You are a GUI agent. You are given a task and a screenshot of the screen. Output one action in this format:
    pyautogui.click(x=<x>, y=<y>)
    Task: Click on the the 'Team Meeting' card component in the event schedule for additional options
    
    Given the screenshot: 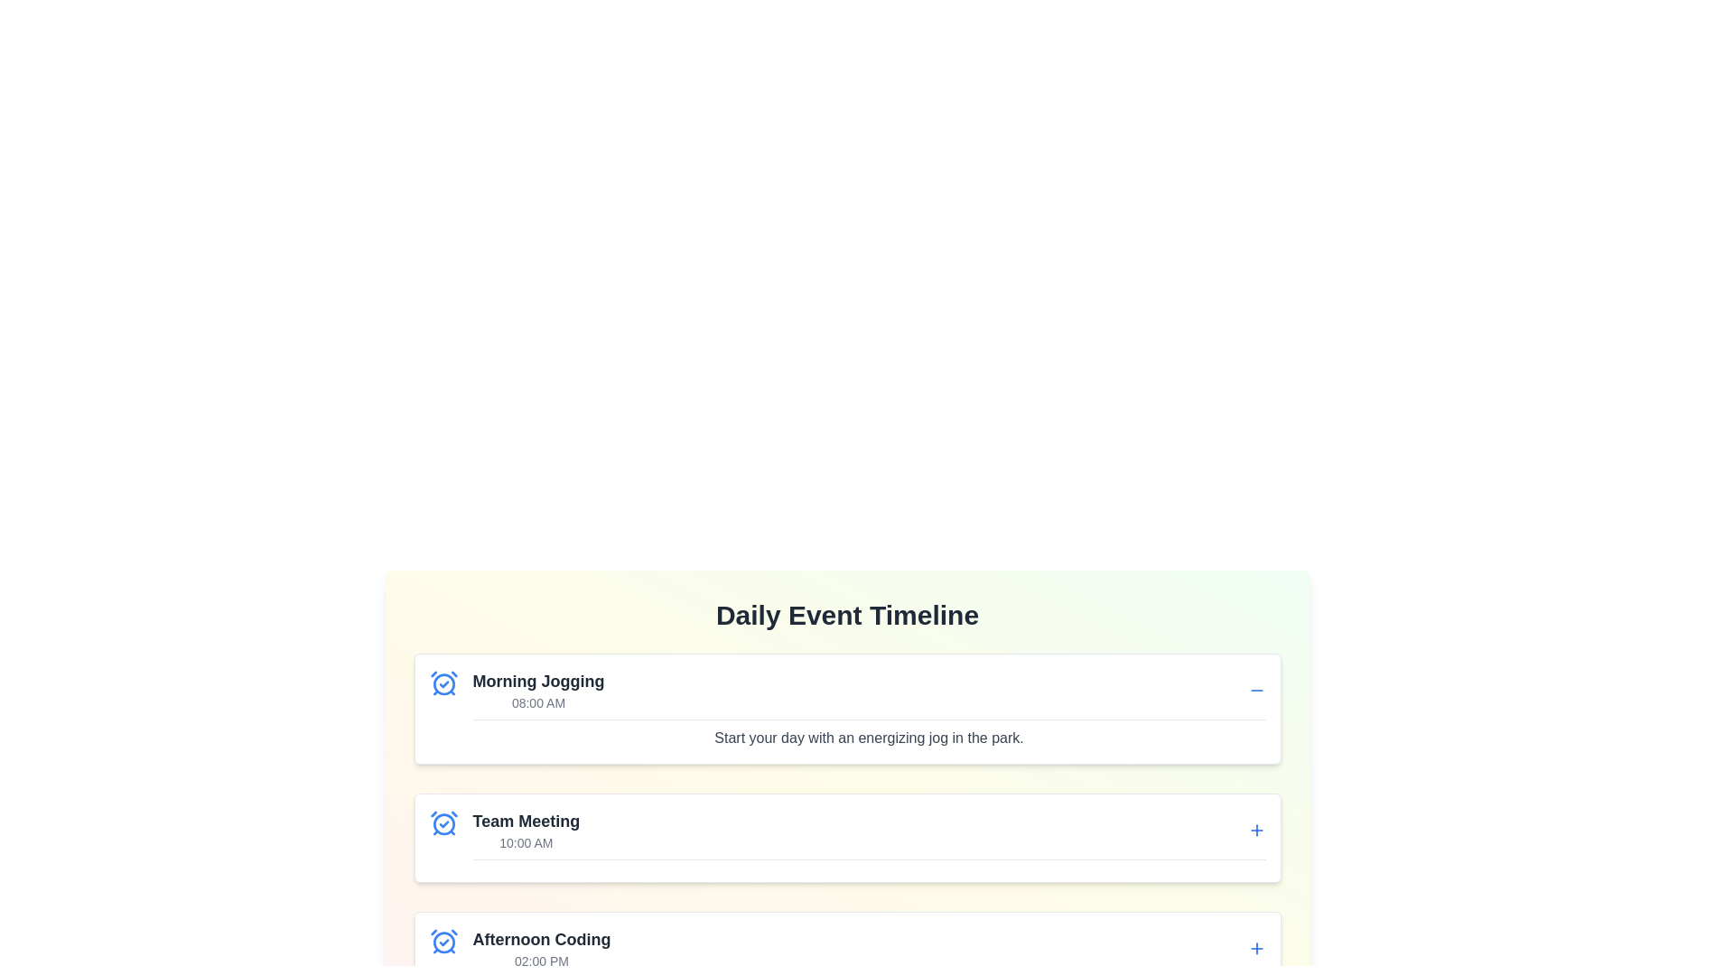 What is the action you would take?
    pyautogui.click(x=846, y=838)
    